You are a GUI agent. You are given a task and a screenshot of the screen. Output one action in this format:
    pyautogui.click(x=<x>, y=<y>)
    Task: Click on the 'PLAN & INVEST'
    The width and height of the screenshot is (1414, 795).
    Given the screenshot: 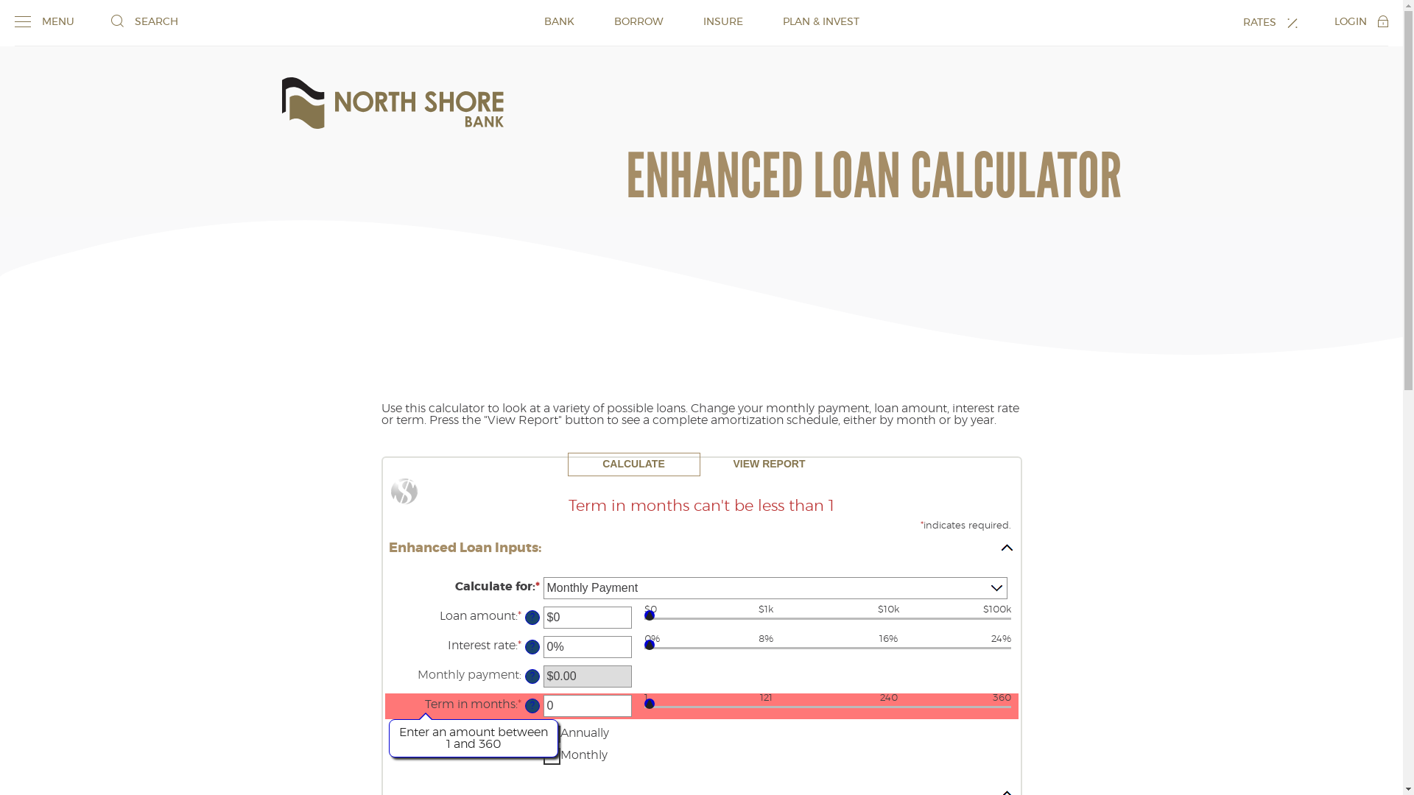 What is the action you would take?
    pyautogui.click(x=781, y=22)
    